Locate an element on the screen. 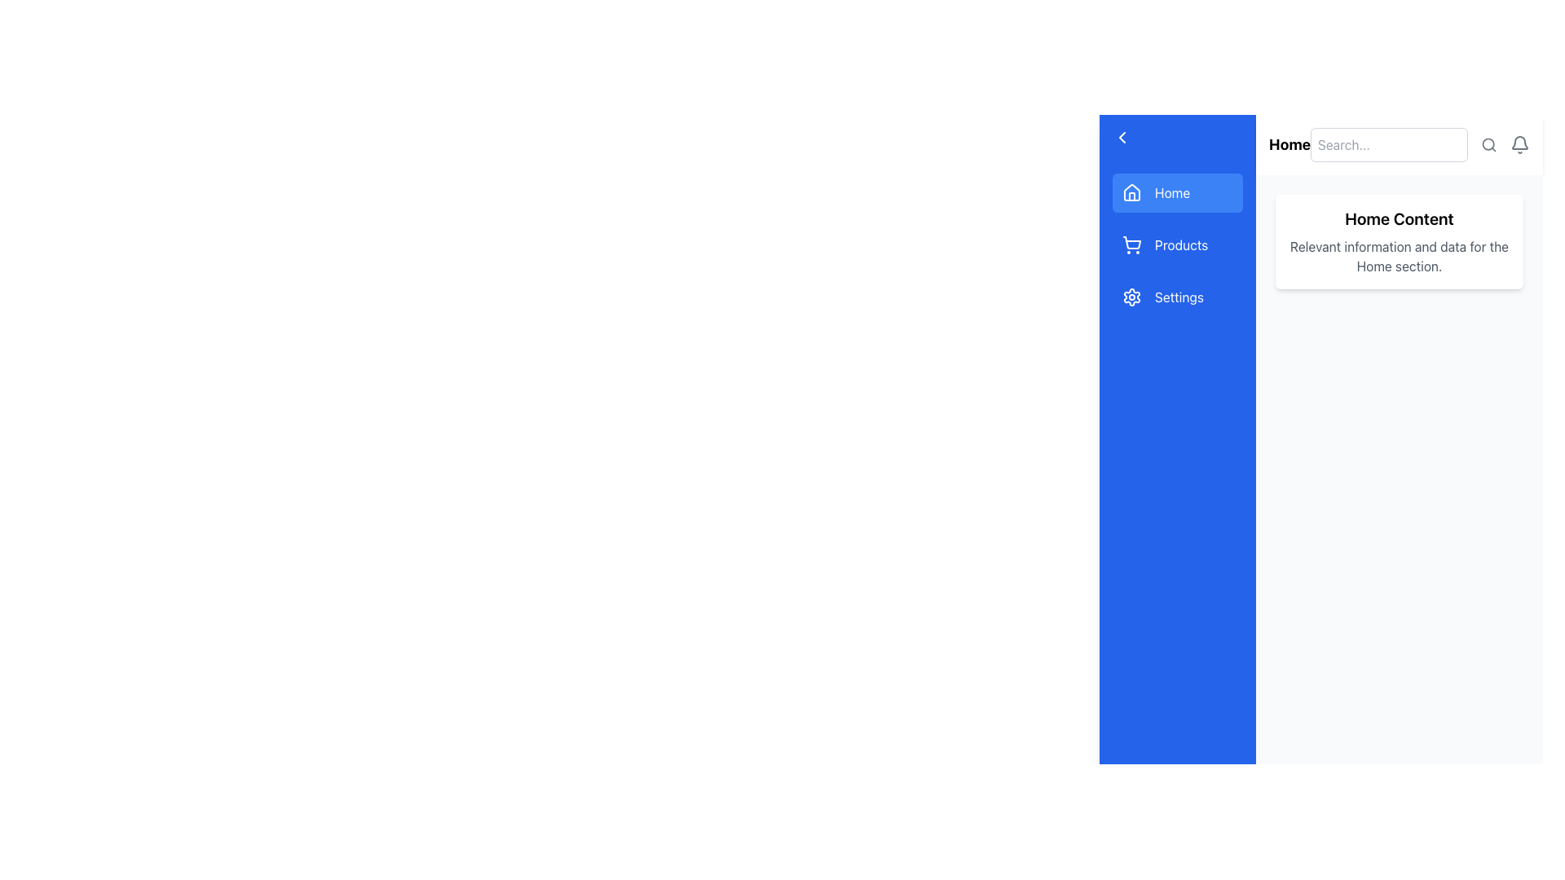 Image resolution: width=1565 pixels, height=880 pixels. the SVG Circle that represents the search feature, located at the top right corner of the interface is located at coordinates (1488, 143).